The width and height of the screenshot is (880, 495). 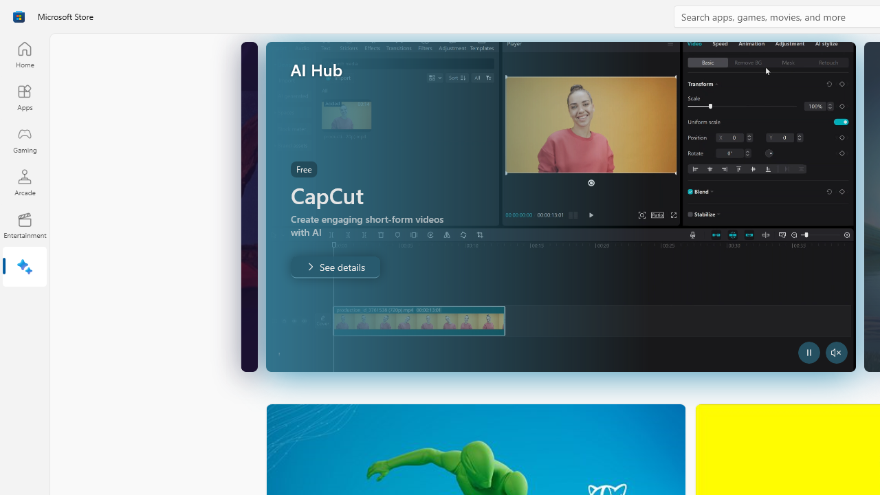 What do you see at coordinates (24, 224) in the screenshot?
I see `'Entertainment'` at bounding box center [24, 224].